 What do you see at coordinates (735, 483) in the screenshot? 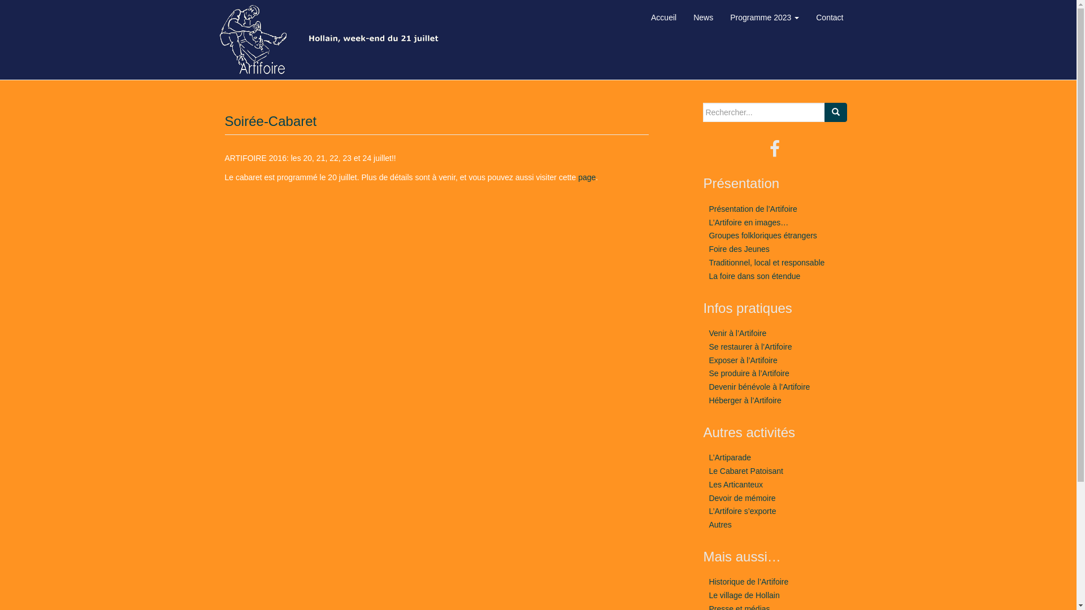
I see `'Les Articanteux'` at bounding box center [735, 483].